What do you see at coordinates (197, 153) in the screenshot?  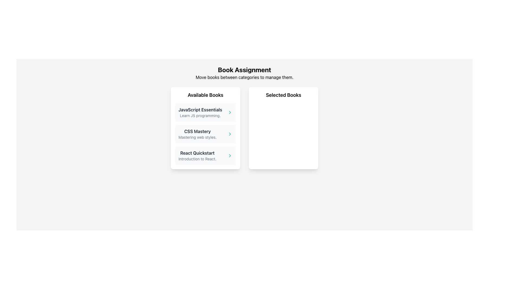 I see `the 'React Quickstart' text label, which is styled in bold and dark color, located in the third row of the 'Available Books' section` at bounding box center [197, 153].